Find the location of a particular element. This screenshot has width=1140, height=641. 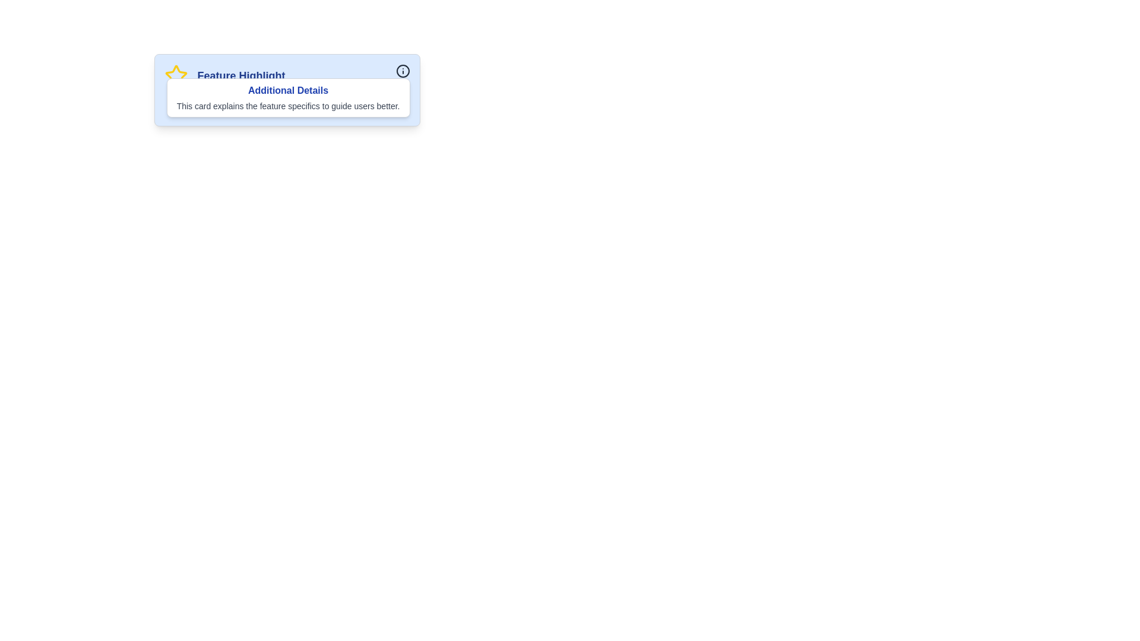

the circular blue outlined informational icon located in the top-right corner of the card, above the 'Feature Highlight' and 'Additional Details' text is located at coordinates (403, 71).